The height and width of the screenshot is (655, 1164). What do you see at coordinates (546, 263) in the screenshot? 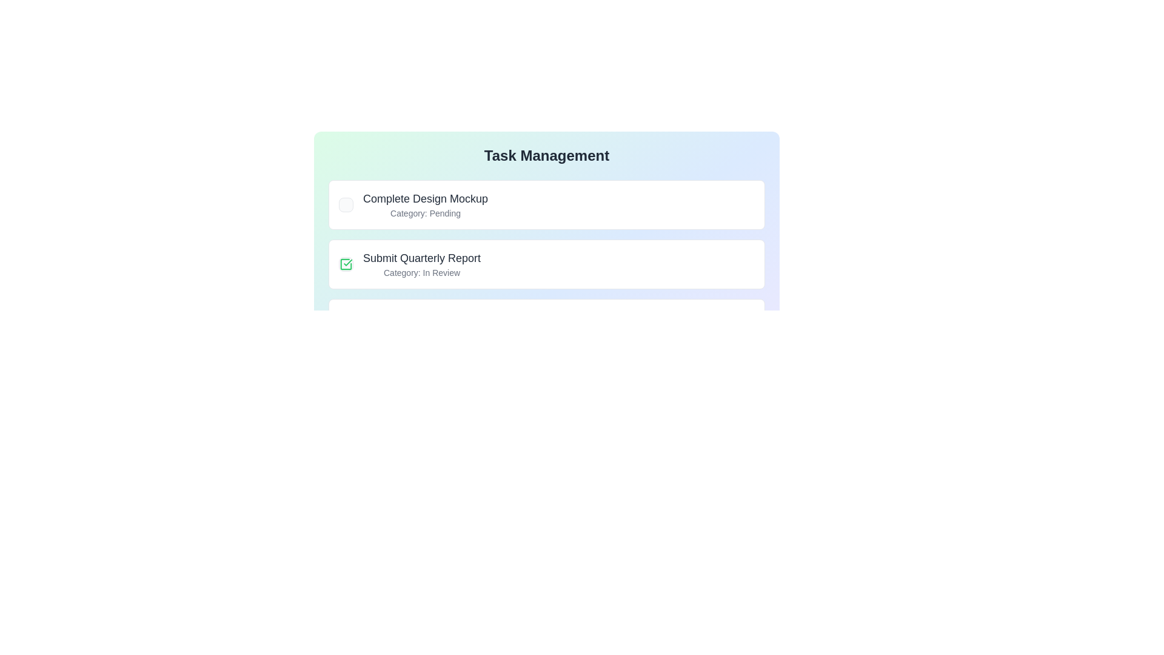
I see `the second card labeled 'Submit Quarterly Report'` at bounding box center [546, 263].